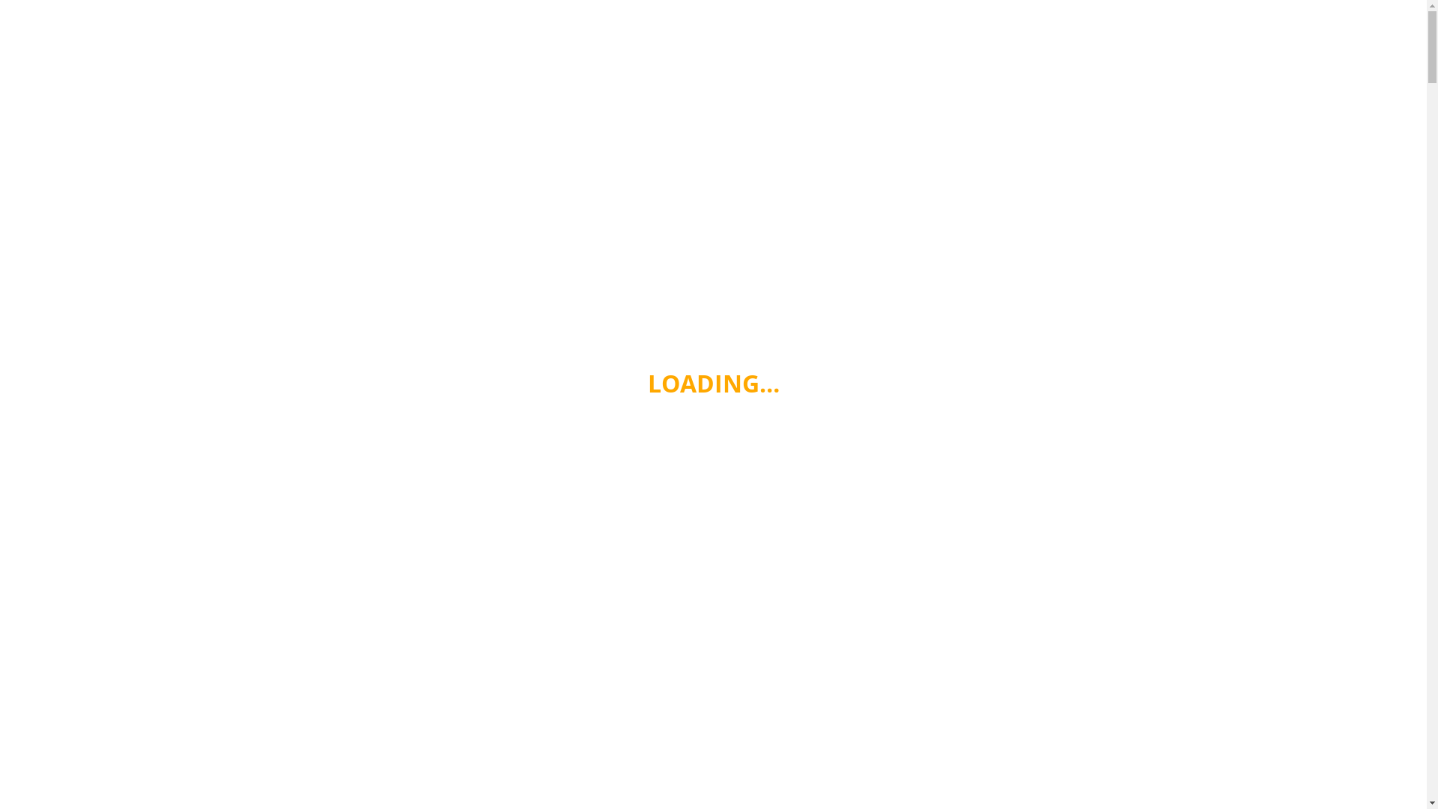 The width and height of the screenshot is (1438, 809). What do you see at coordinates (768, 20) in the screenshot?
I see `'WINE'` at bounding box center [768, 20].